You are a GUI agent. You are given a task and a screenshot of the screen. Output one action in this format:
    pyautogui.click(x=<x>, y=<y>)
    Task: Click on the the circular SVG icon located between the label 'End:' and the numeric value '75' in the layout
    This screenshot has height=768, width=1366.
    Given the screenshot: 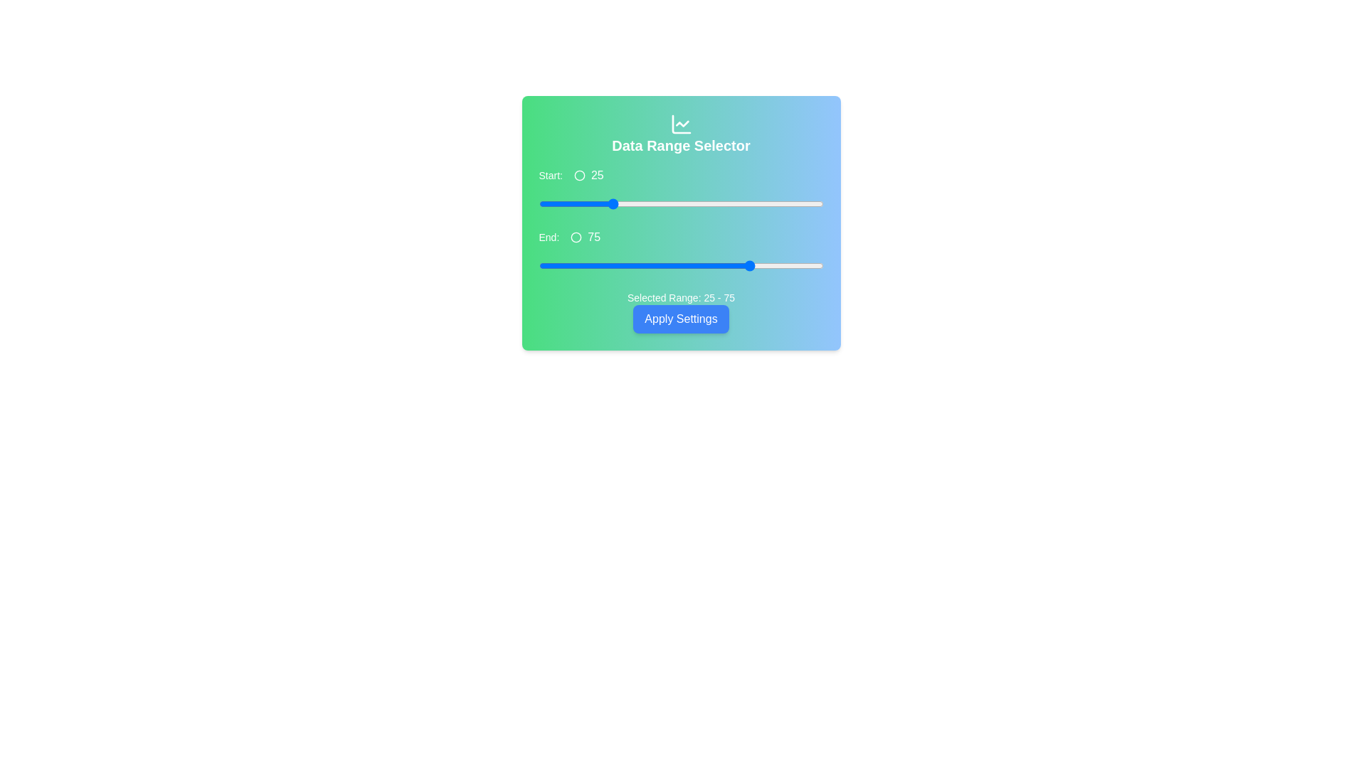 What is the action you would take?
    pyautogui.click(x=576, y=237)
    